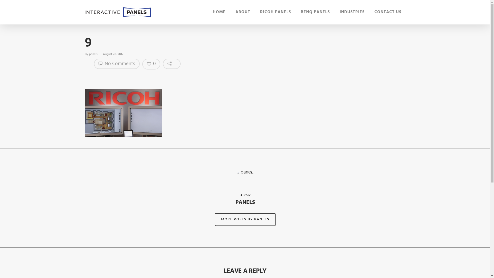  What do you see at coordinates (260, 13) in the screenshot?
I see `'RICOH PANELS'` at bounding box center [260, 13].